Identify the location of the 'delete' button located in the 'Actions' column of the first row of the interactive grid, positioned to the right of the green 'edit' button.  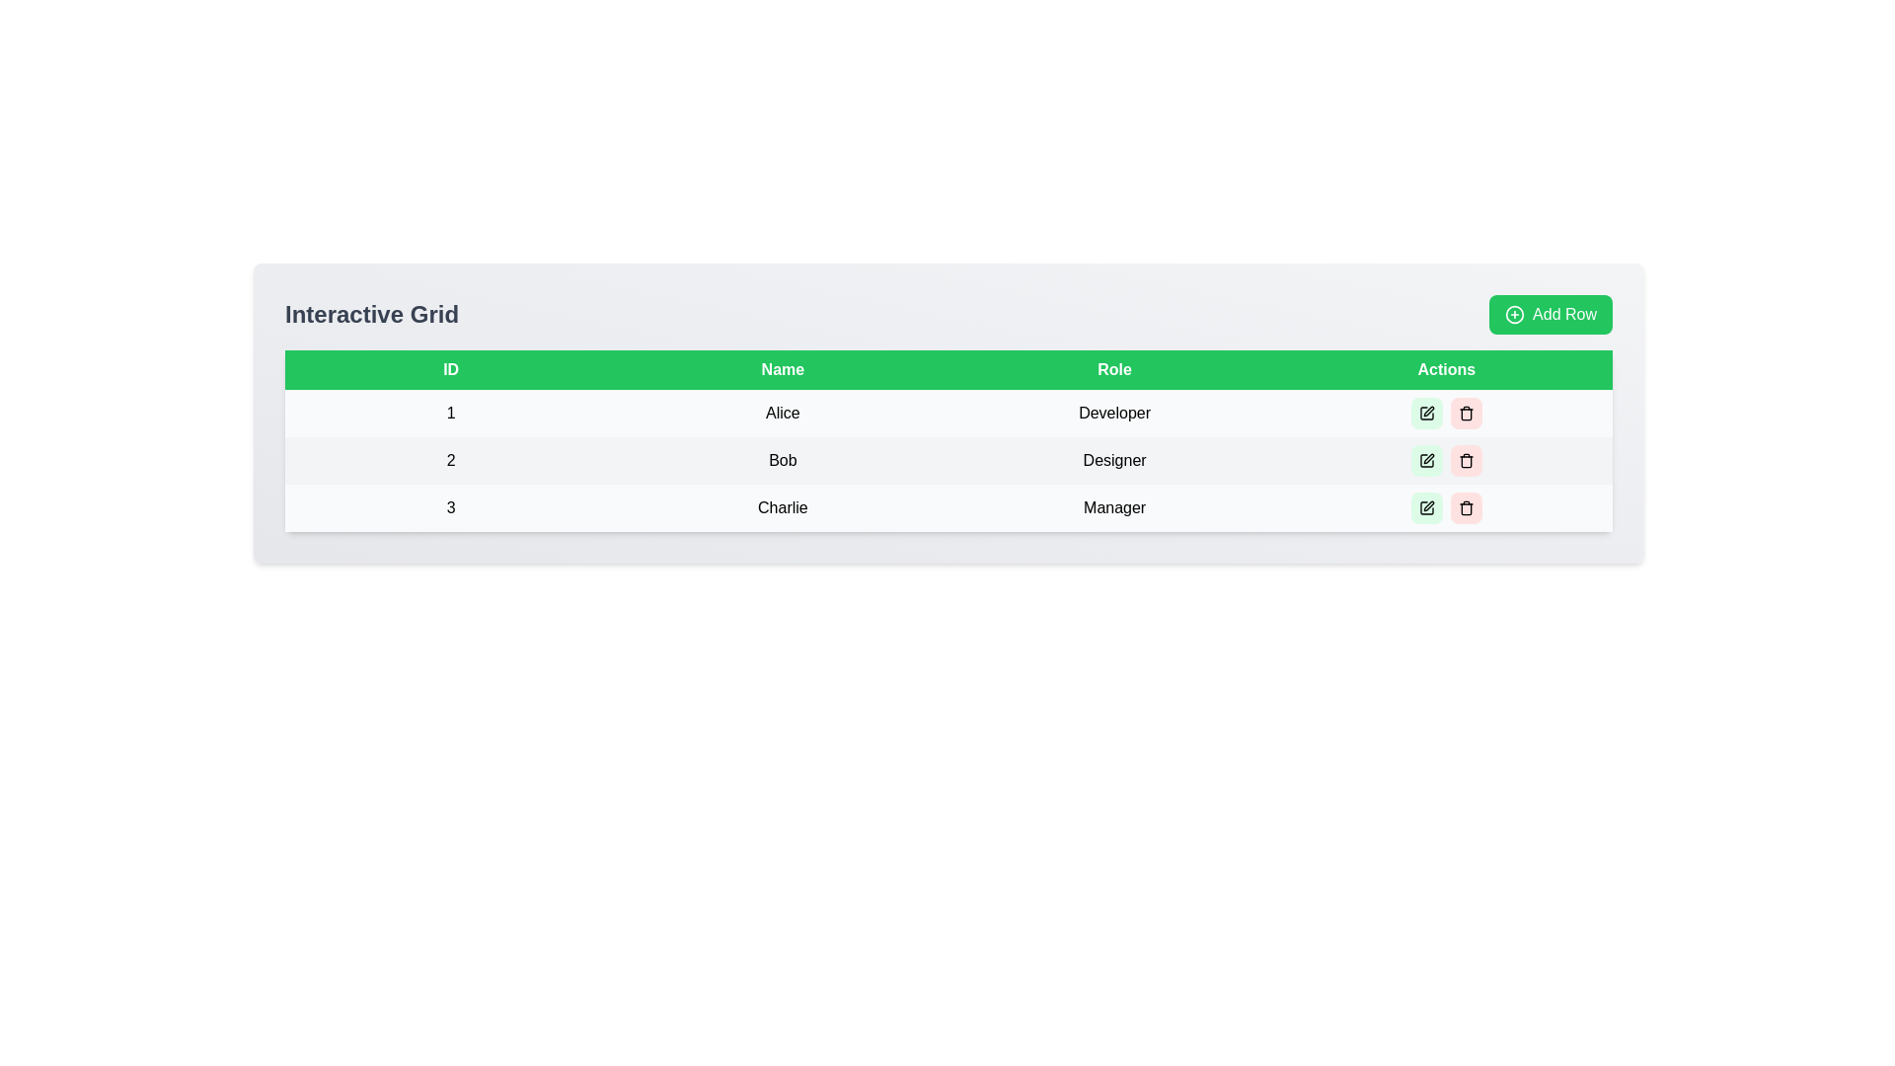
(1466, 413).